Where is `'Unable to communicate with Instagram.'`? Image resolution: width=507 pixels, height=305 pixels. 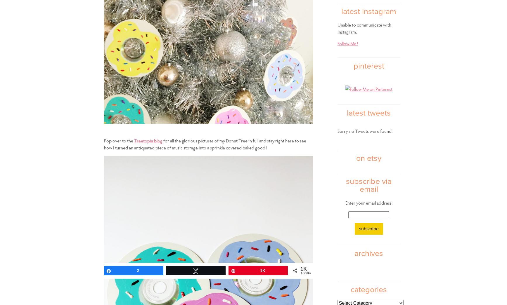
'Unable to communicate with Instagram.' is located at coordinates (364, 28).